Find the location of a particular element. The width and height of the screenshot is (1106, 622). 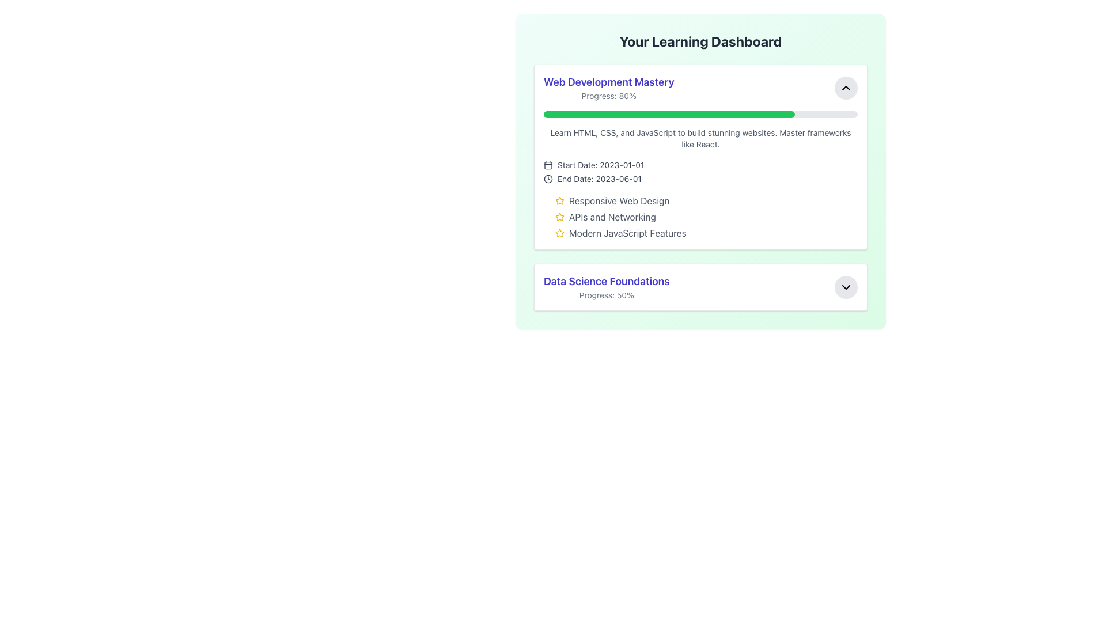

the text label displaying 'End Date: 2023-06-01' located within the 'Web Development Mastery' section of the dashboard, to the right of the clock icon is located at coordinates (599, 179).